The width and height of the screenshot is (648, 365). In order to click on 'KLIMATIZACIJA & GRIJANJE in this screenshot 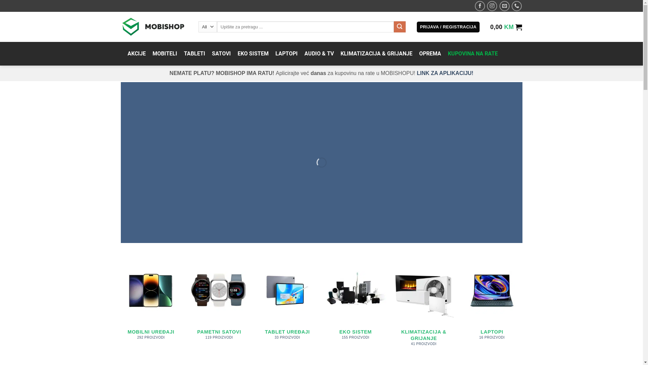, I will do `click(423, 305)`.